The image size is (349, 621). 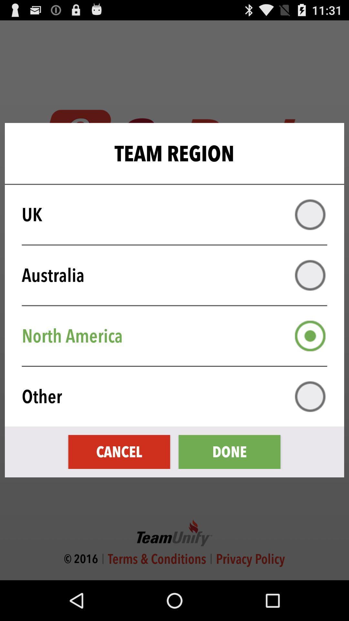 I want to click on verify country location, so click(x=310, y=214).